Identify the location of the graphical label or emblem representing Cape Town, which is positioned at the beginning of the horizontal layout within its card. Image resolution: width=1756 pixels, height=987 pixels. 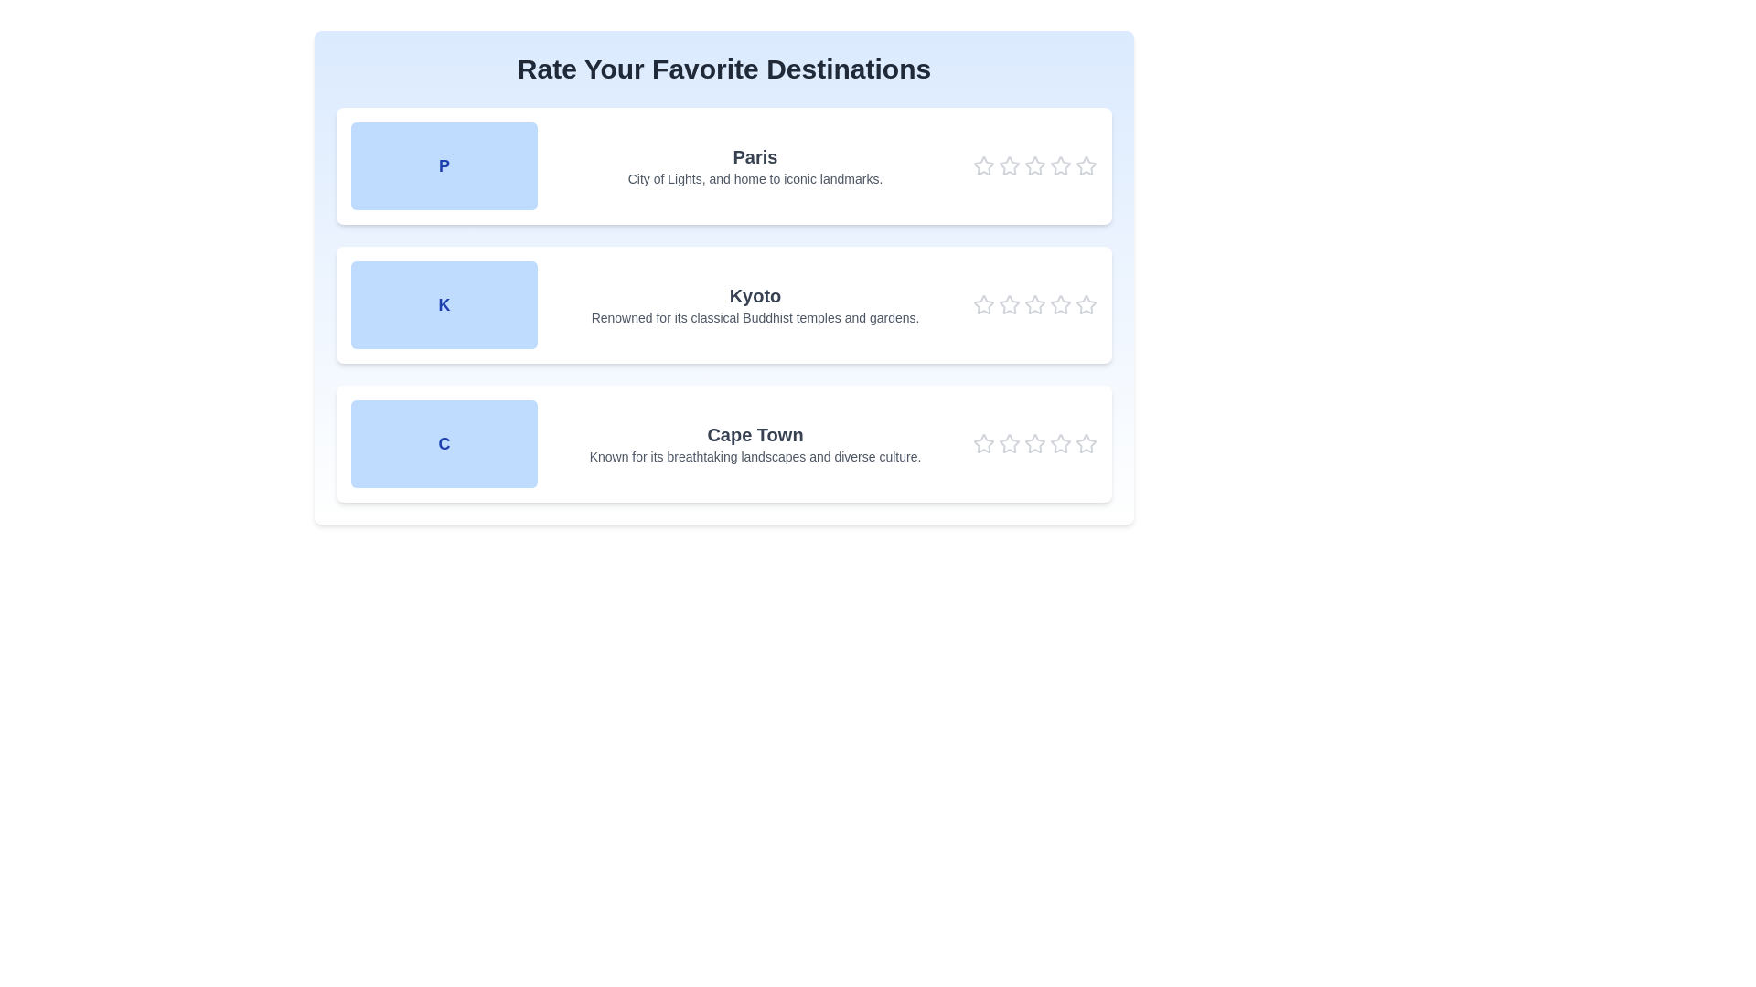
(444, 444).